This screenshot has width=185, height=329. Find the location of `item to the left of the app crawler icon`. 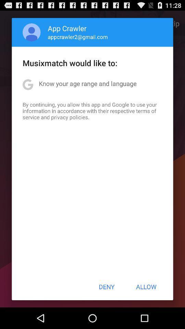

item to the left of the app crawler icon is located at coordinates (31, 32).